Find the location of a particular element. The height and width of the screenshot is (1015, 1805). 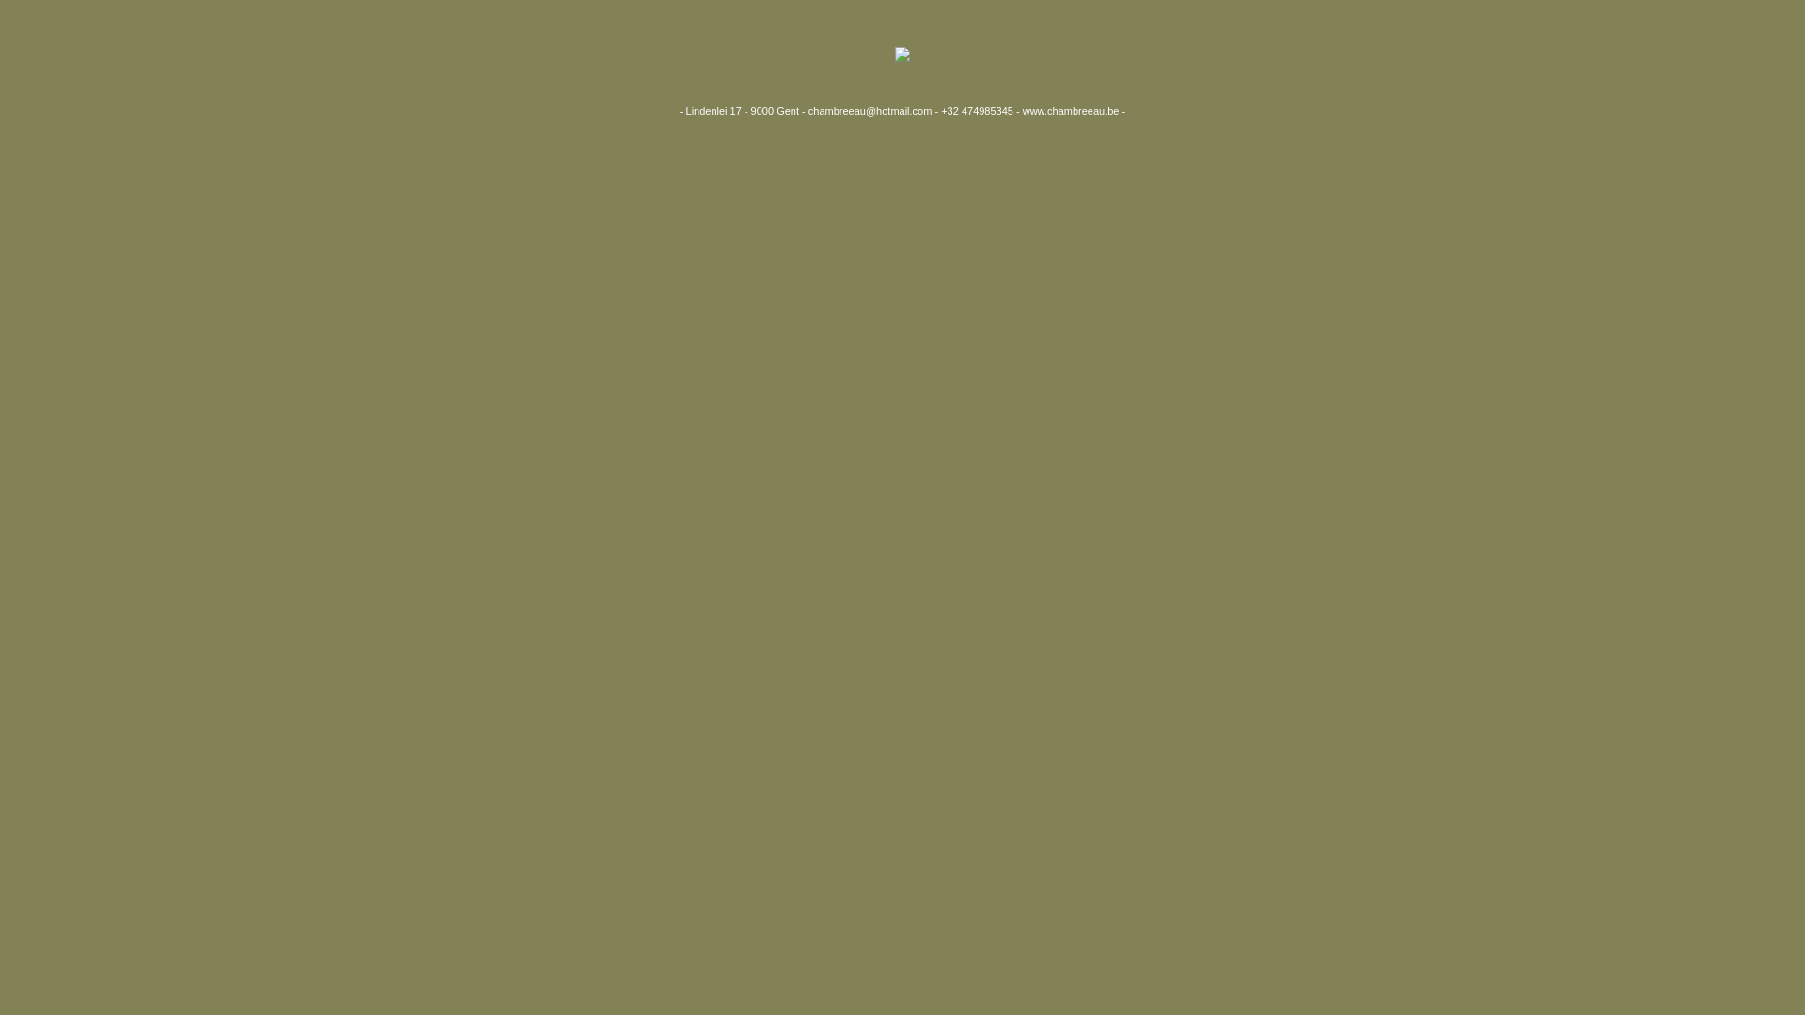

'chambreeau@hotmail.com' is located at coordinates (870, 111).